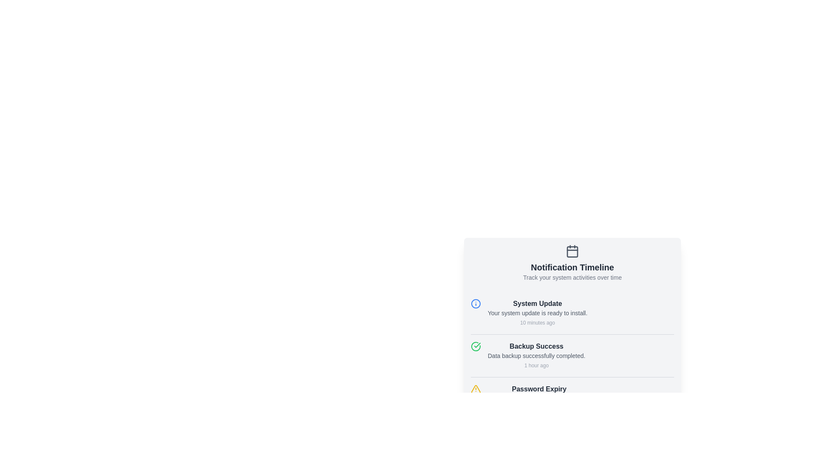  Describe the element at coordinates (572, 398) in the screenshot. I see `notification details from the third entry in the 'Notification Timeline' list, which alerts the user about the imminent expiration of their current password` at that location.